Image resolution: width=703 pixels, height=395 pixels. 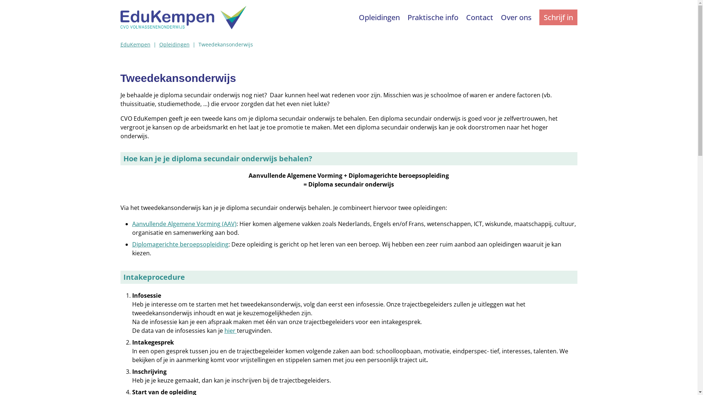 What do you see at coordinates (434, 17) in the screenshot?
I see `'Praktische info'` at bounding box center [434, 17].